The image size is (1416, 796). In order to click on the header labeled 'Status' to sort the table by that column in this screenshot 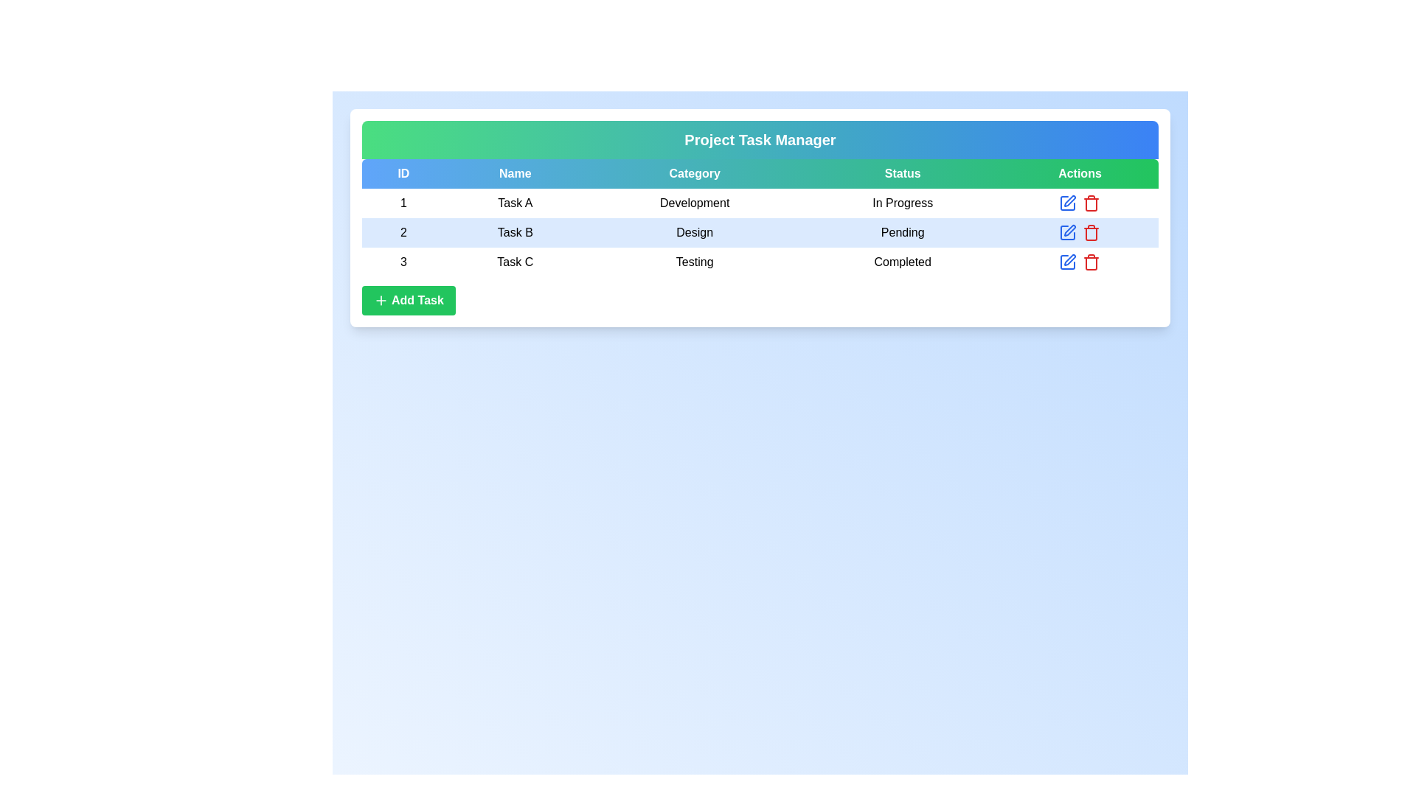, I will do `click(902, 172)`.